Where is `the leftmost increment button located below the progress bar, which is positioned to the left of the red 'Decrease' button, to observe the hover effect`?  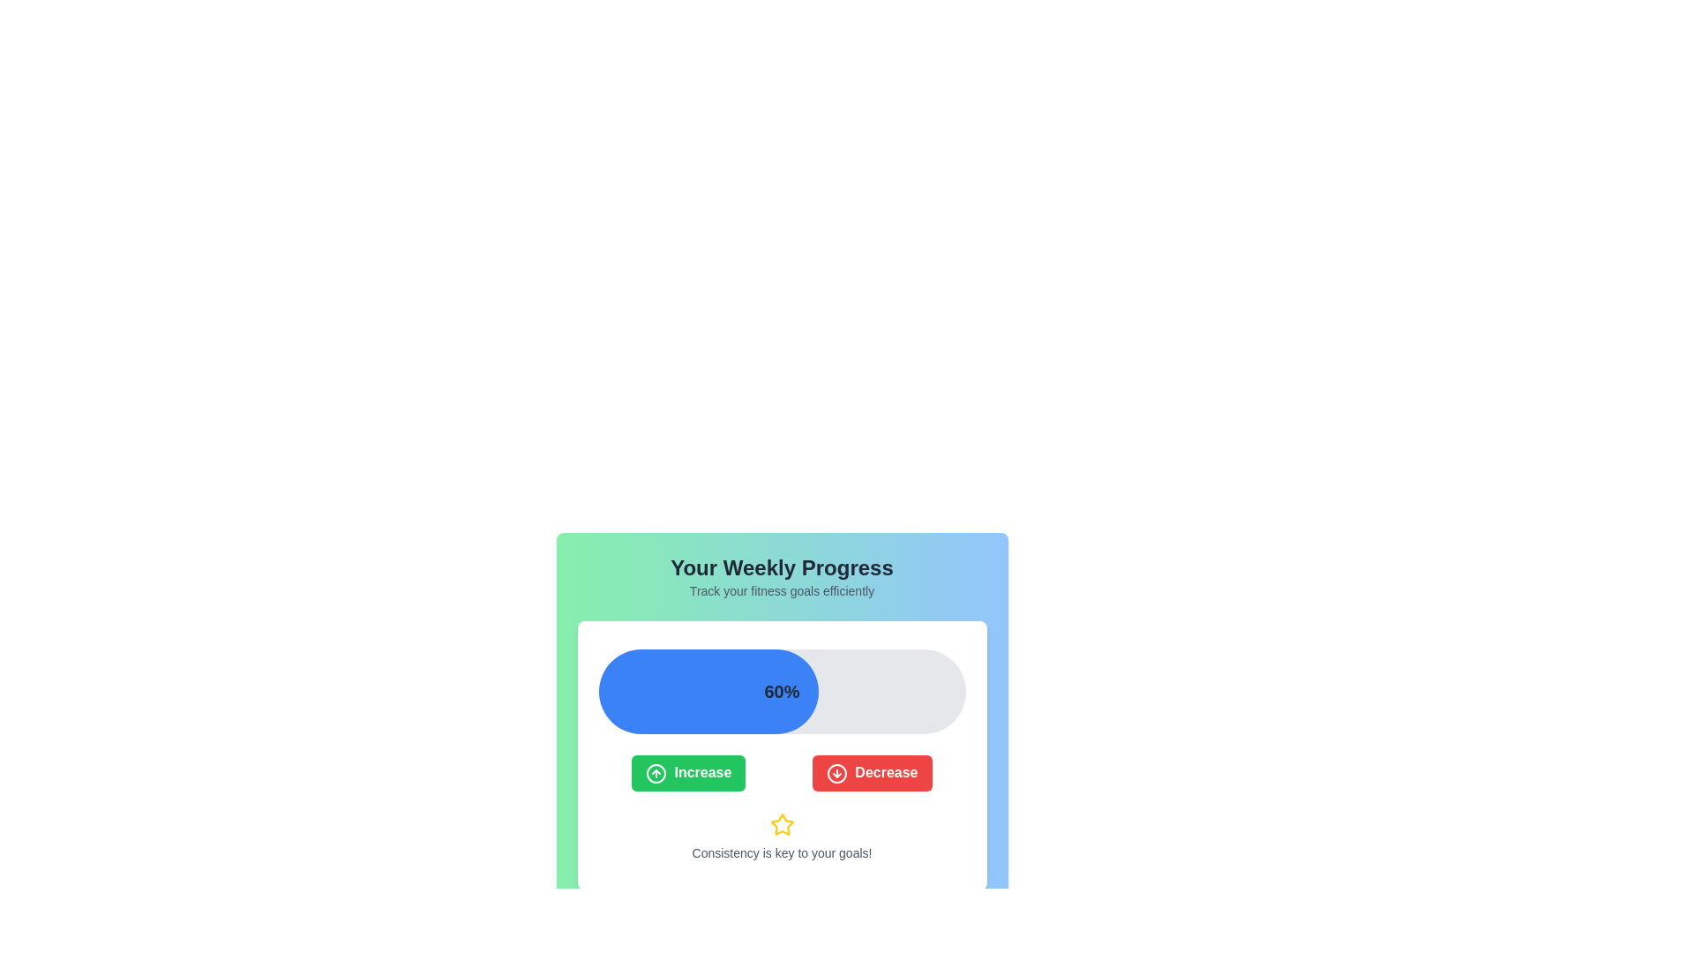 the leftmost increment button located below the progress bar, which is positioned to the left of the red 'Decrease' button, to observe the hover effect is located at coordinates (687, 772).